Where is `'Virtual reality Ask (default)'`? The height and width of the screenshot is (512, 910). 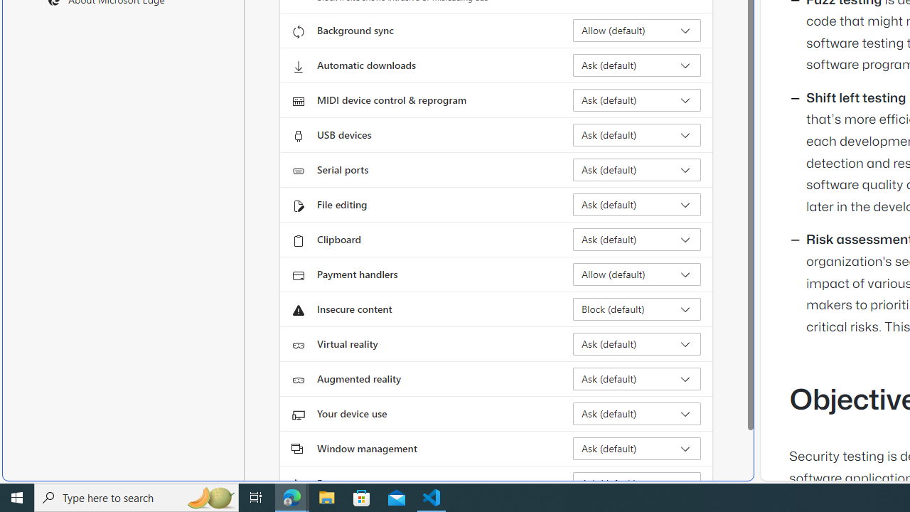
'Virtual reality Ask (default)' is located at coordinates (636, 343).